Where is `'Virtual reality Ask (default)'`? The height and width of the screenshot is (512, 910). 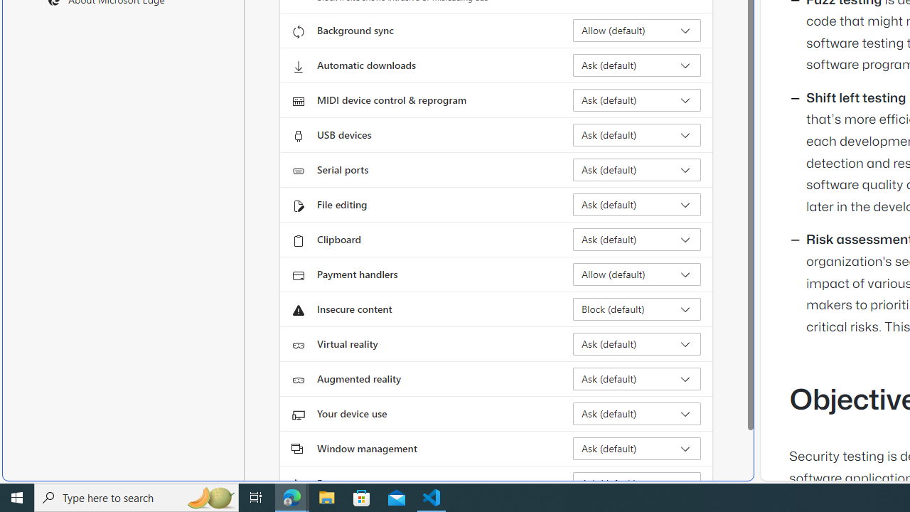
'Virtual reality Ask (default)' is located at coordinates (636, 343).